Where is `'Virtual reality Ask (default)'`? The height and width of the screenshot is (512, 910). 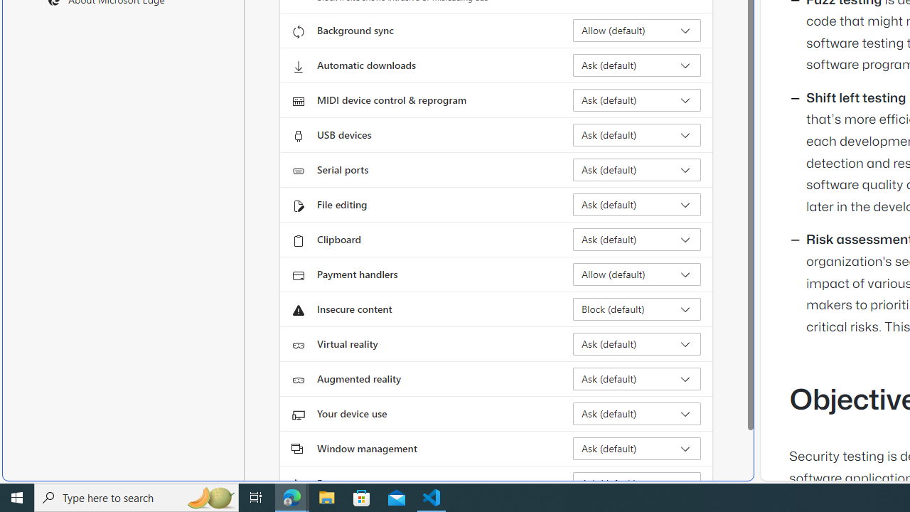
'Virtual reality Ask (default)' is located at coordinates (636, 343).